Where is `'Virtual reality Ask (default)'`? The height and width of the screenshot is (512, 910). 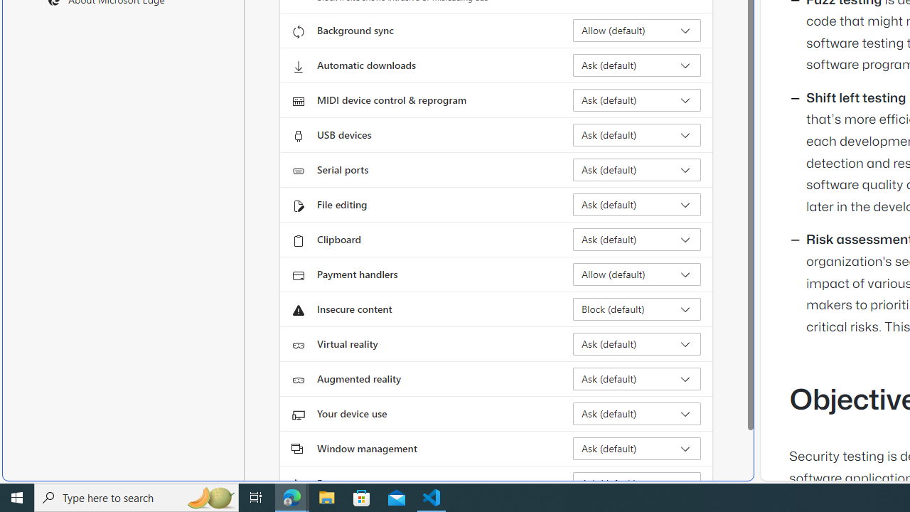
'Virtual reality Ask (default)' is located at coordinates (636, 343).